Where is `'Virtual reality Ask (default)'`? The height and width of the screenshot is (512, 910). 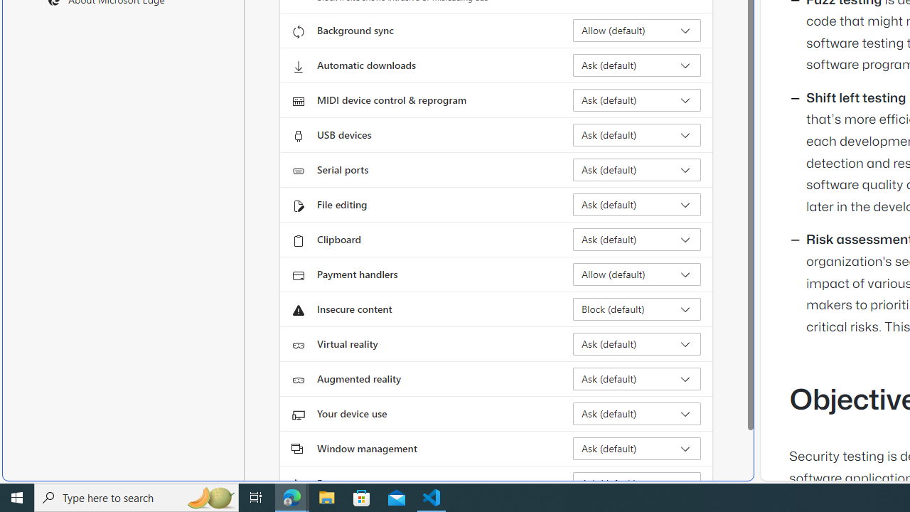
'Virtual reality Ask (default)' is located at coordinates (636, 343).